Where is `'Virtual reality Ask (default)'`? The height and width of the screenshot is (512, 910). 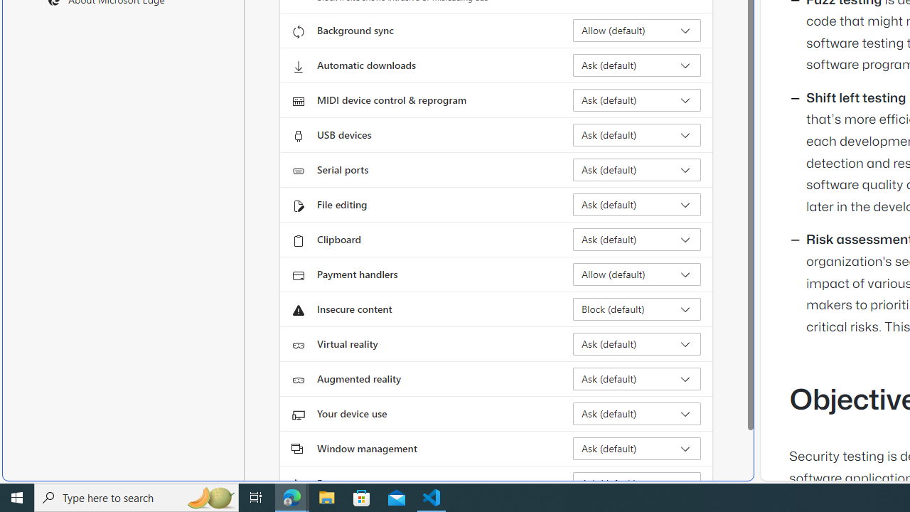
'Virtual reality Ask (default)' is located at coordinates (636, 343).